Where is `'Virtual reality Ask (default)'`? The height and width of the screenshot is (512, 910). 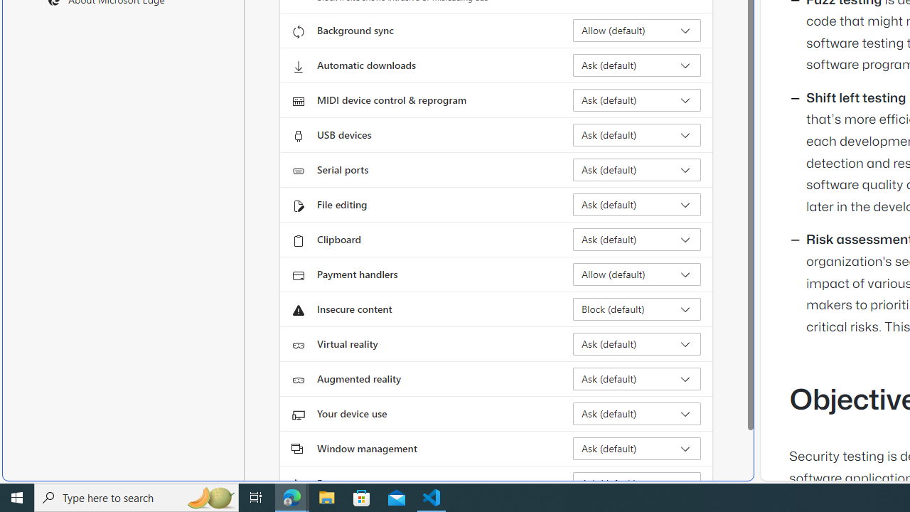
'Virtual reality Ask (default)' is located at coordinates (636, 343).